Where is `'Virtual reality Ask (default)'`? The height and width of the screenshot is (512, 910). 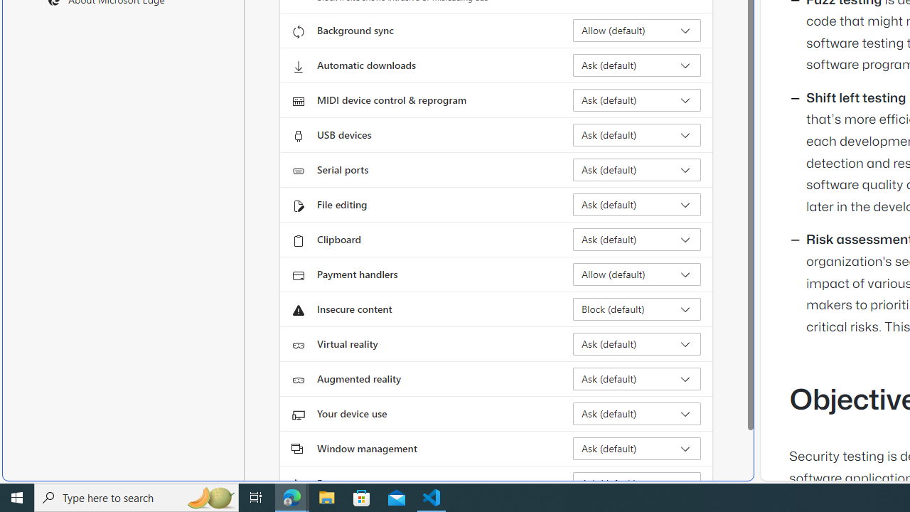
'Virtual reality Ask (default)' is located at coordinates (636, 343).